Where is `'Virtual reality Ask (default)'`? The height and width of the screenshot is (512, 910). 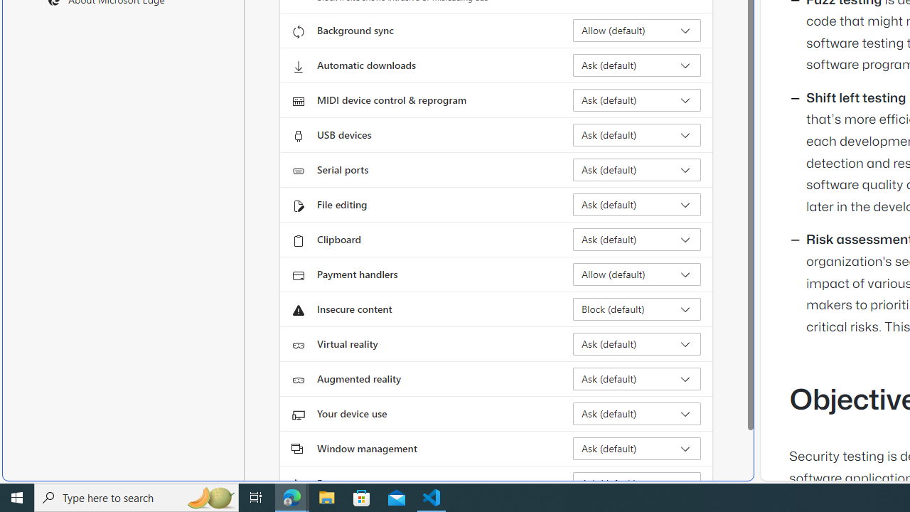
'Virtual reality Ask (default)' is located at coordinates (636, 343).